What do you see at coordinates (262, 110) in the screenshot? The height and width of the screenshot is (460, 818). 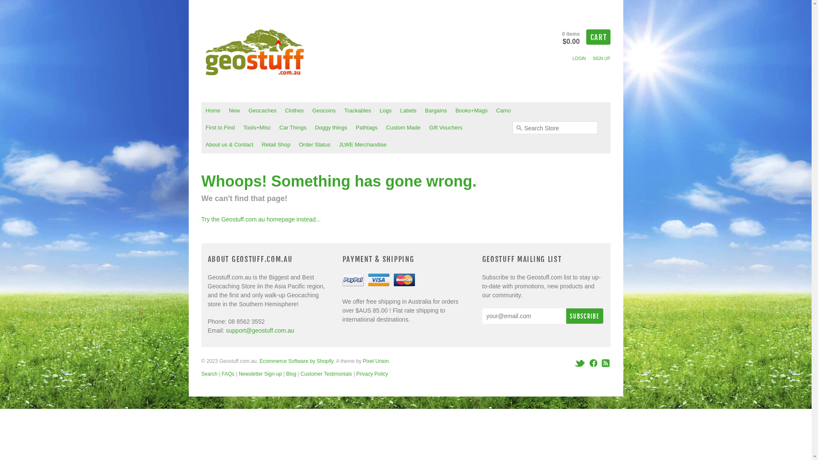 I see `'Geocaches'` at bounding box center [262, 110].